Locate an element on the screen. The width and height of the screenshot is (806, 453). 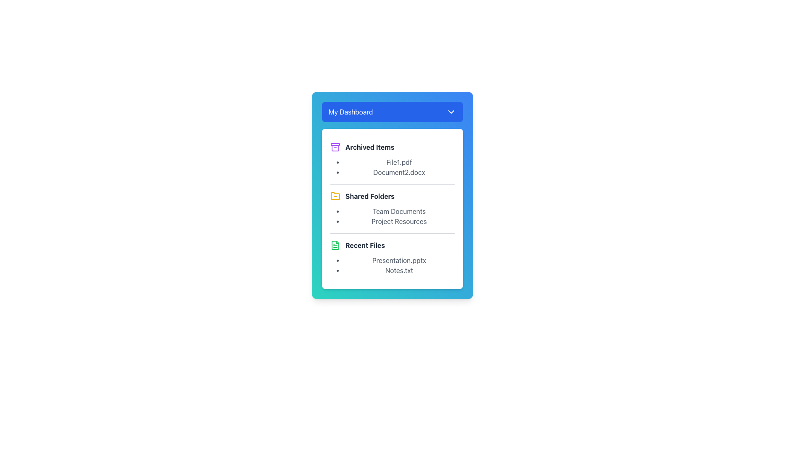
the 'Shared Folders' label element is located at coordinates (392, 196).